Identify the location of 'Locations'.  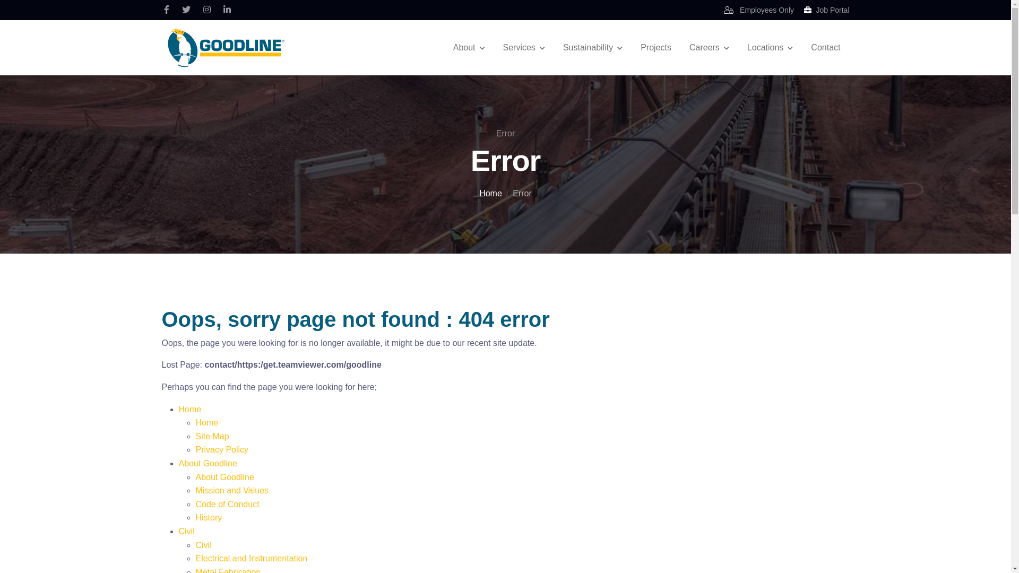
(740, 48).